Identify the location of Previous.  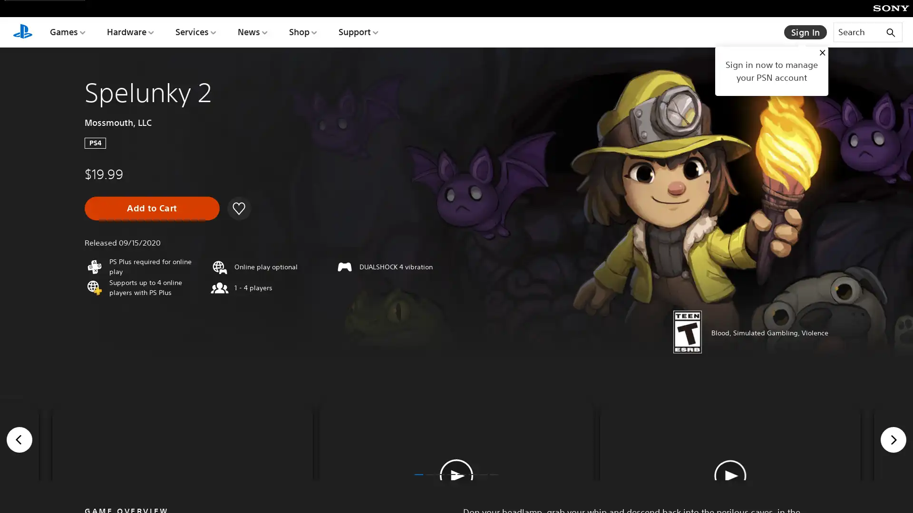
(19, 484).